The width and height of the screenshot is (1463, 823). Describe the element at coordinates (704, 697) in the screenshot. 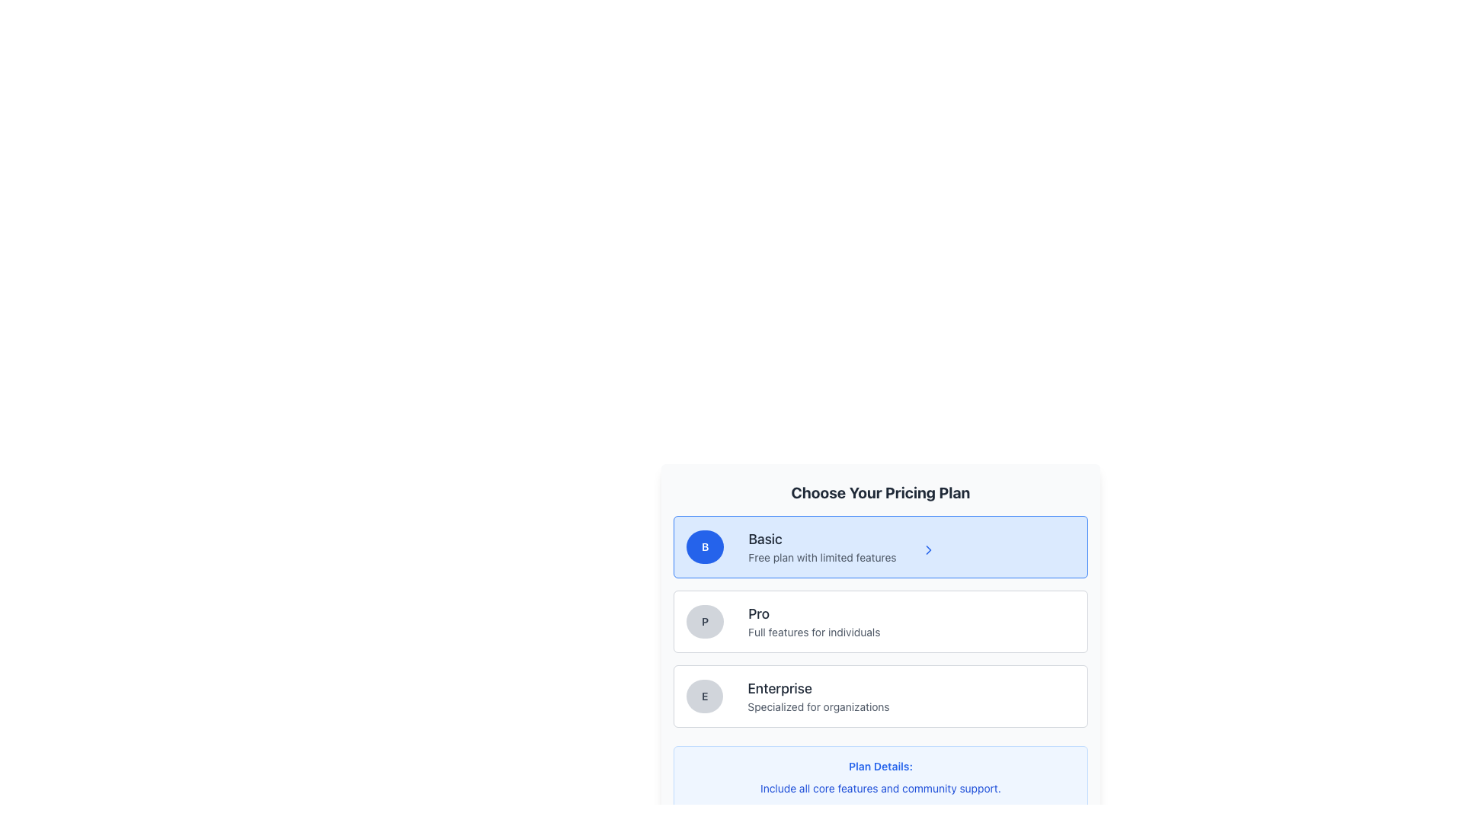

I see `the circular badge with a light gray background and the letter 'E' in dark gray bold font, located in the third option of the pricing plan selection interface for the 'Enterprise' plan` at that location.